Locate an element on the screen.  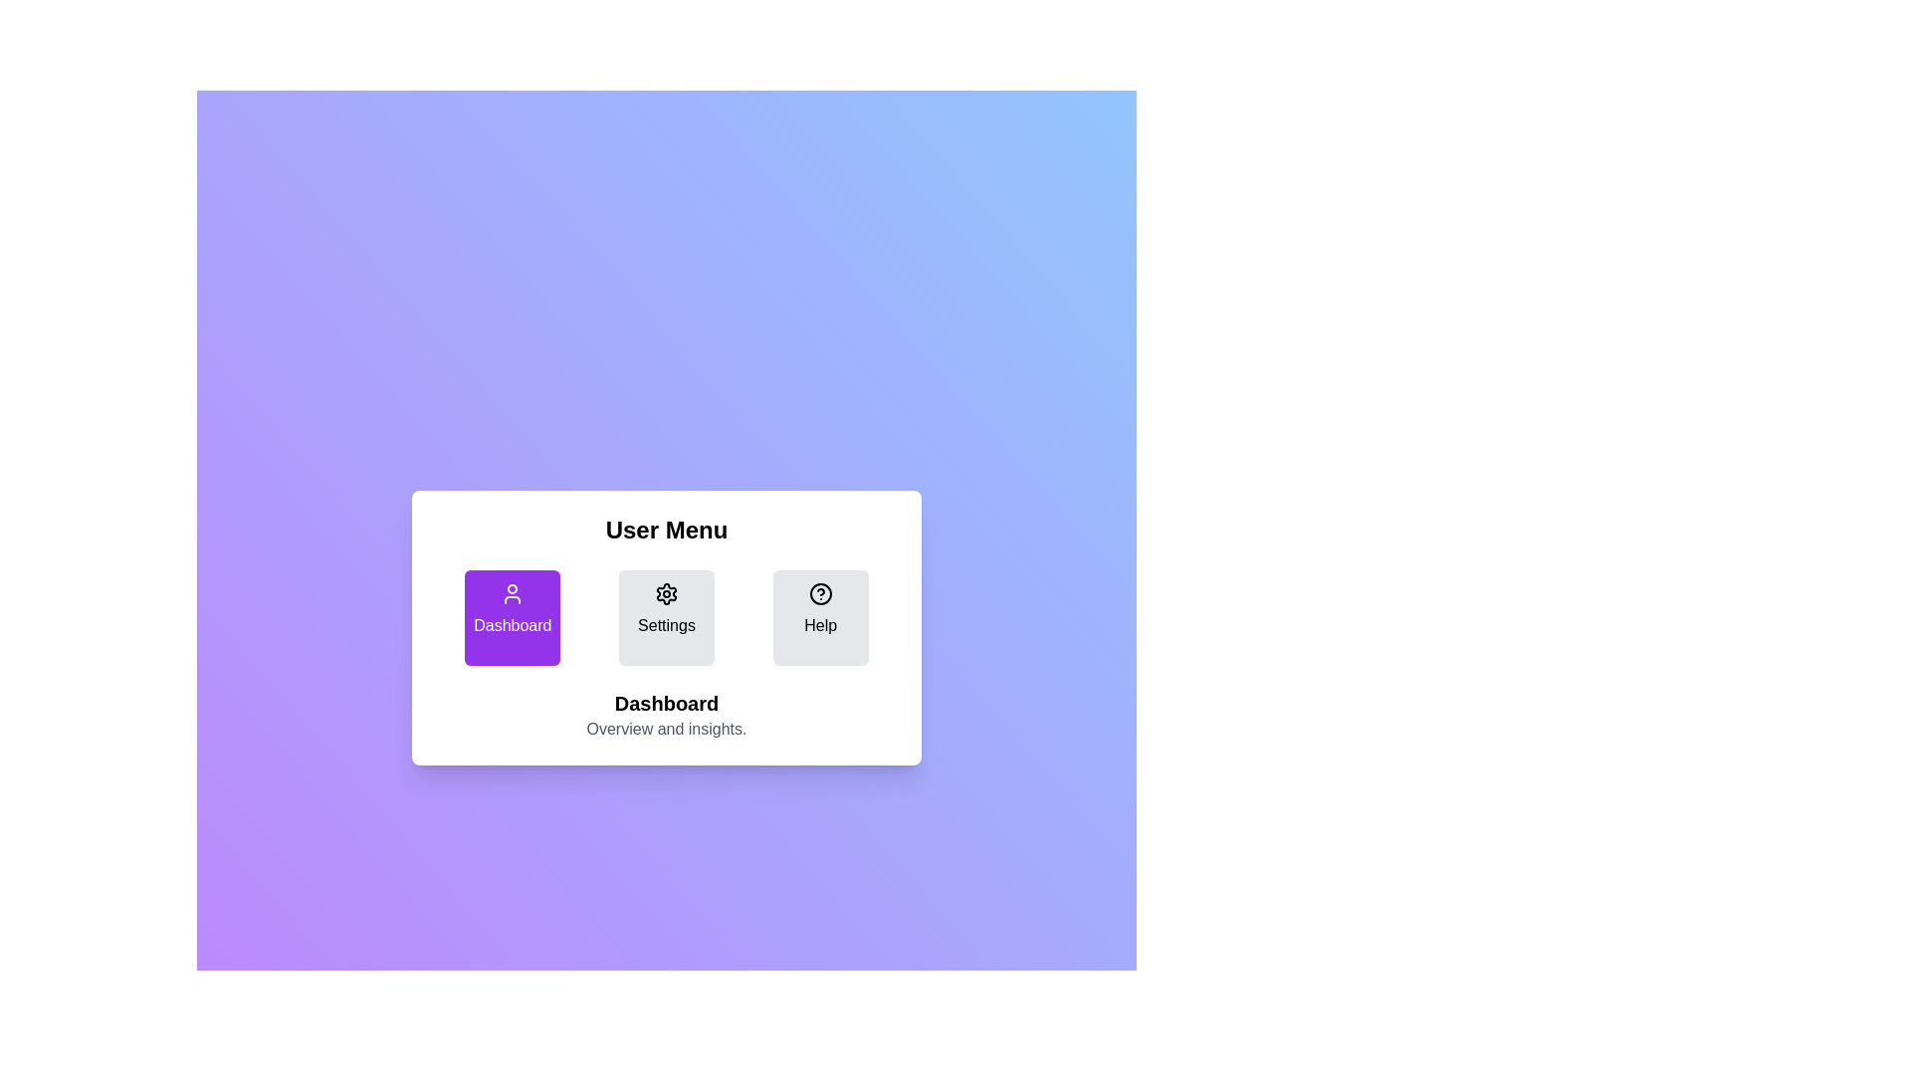
the Settings button to activate the corresponding section is located at coordinates (666, 617).